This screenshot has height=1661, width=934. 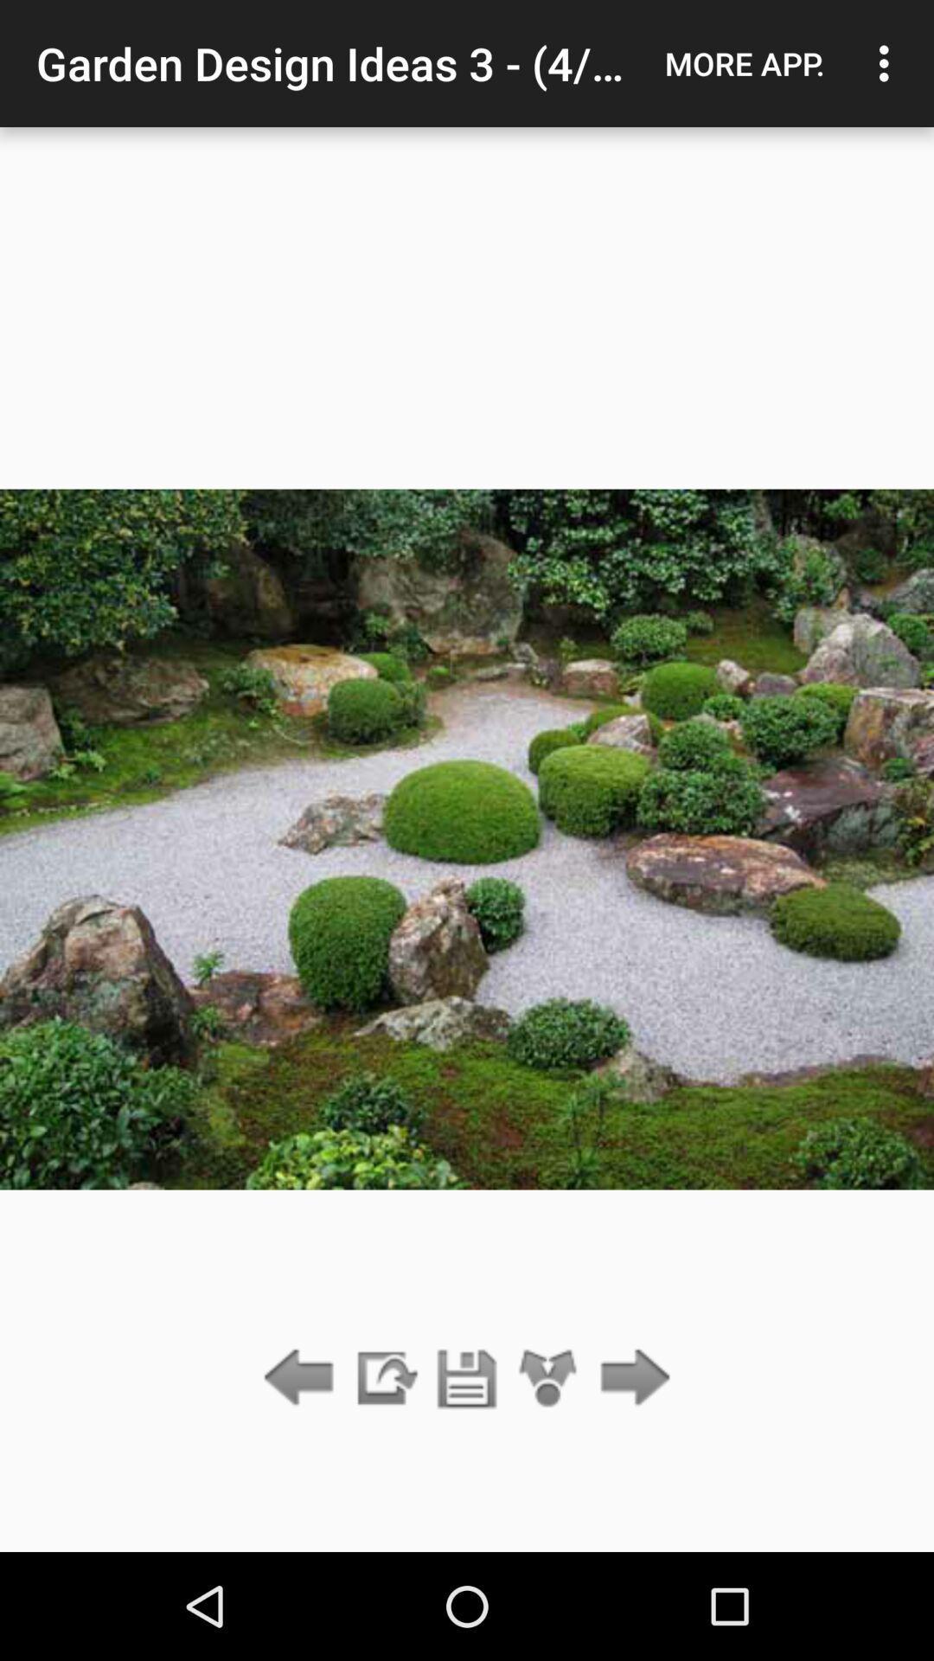 What do you see at coordinates (548, 1378) in the screenshot?
I see `item below garden design ideas app` at bounding box center [548, 1378].